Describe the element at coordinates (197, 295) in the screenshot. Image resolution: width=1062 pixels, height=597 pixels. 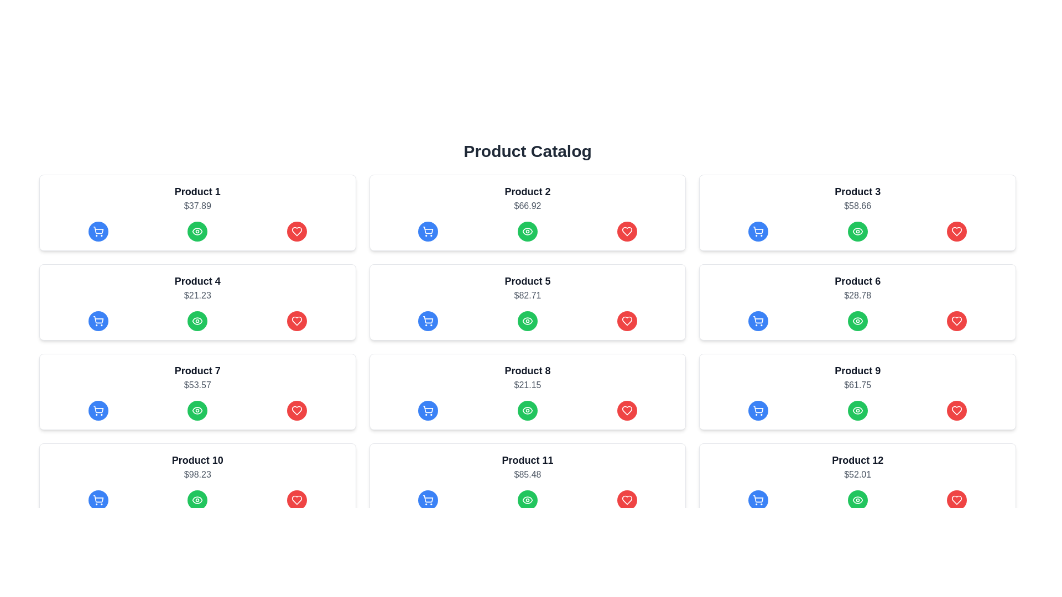
I see `the static text label displaying the price '$21.23' located beneath the 'Product 4' text in the product grid` at that location.